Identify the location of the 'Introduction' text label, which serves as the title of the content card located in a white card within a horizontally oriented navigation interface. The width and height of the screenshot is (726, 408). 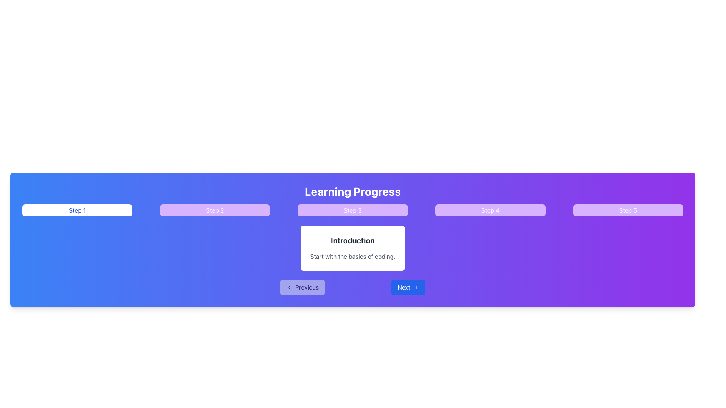
(352, 240).